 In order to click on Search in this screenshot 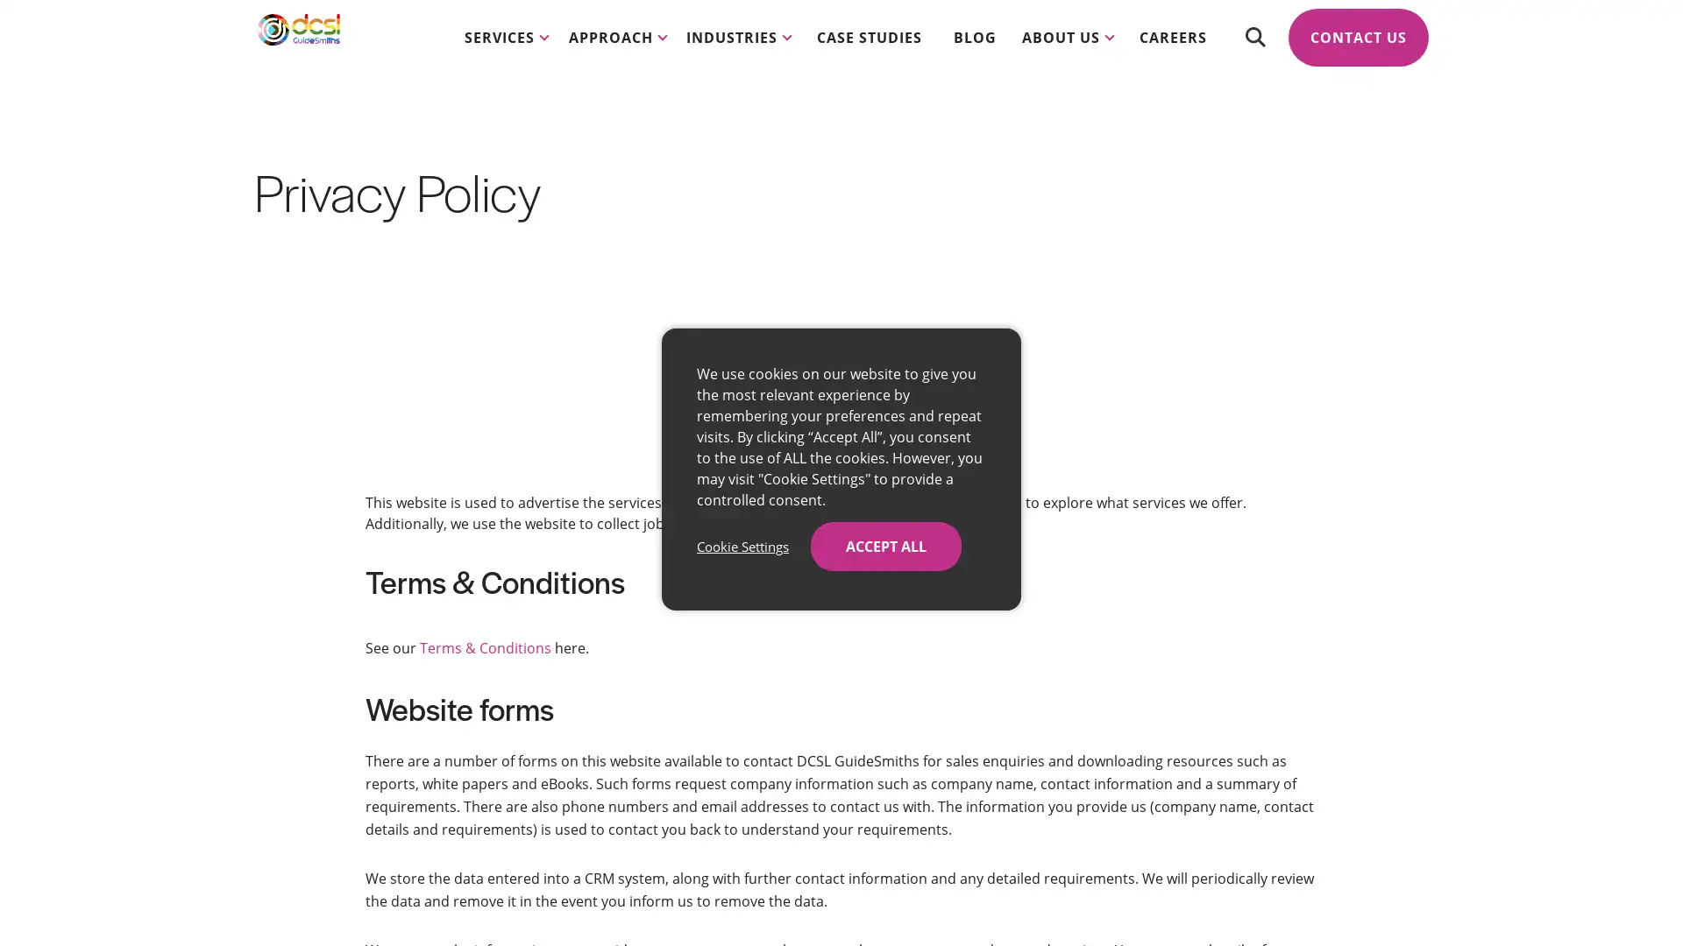, I will do `click(1253, 53)`.